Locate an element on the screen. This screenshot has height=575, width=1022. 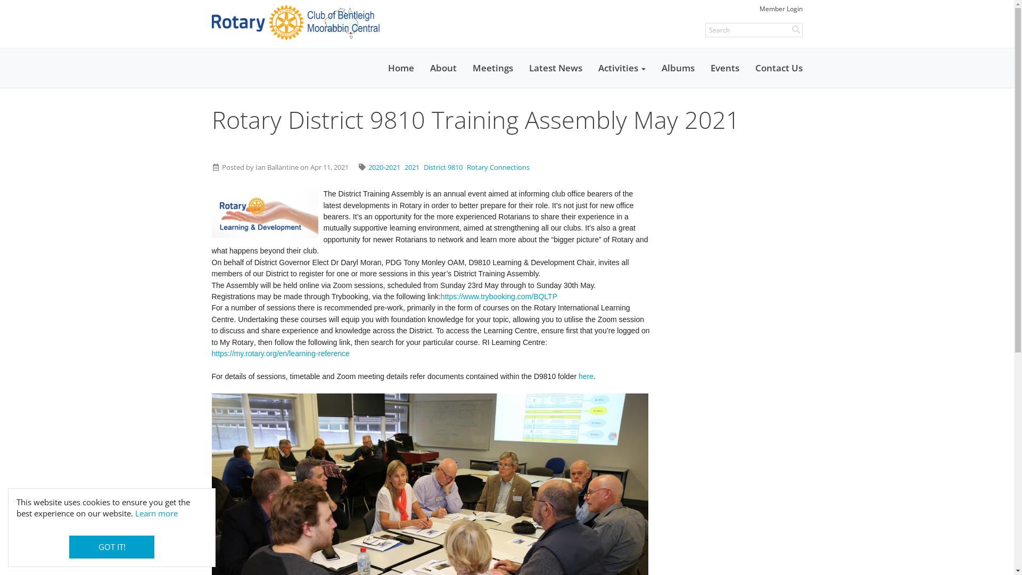
'https://www.trybooking.com/BQLTP' is located at coordinates (498, 296).